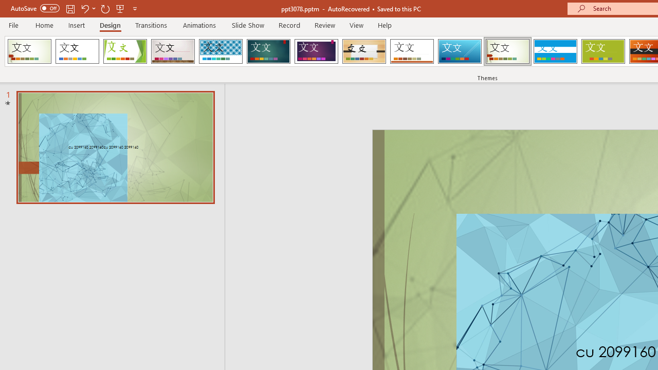 The height and width of the screenshot is (370, 658). What do you see at coordinates (555, 51) in the screenshot?
I see `'Banded Loading Preview...'` at bounding box center [555, 51].